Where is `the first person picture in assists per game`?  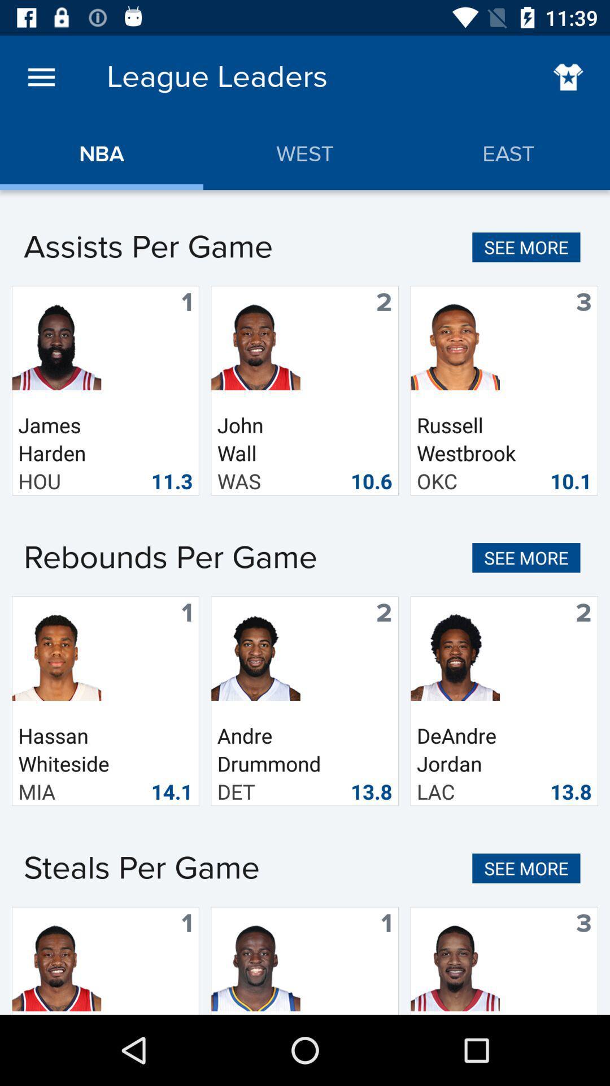 the first person picture in assists per game is located at coordinates (56, 344).